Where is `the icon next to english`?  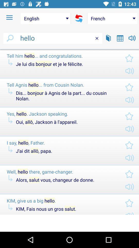 the icon next to english is located at coordinates (79, 18).